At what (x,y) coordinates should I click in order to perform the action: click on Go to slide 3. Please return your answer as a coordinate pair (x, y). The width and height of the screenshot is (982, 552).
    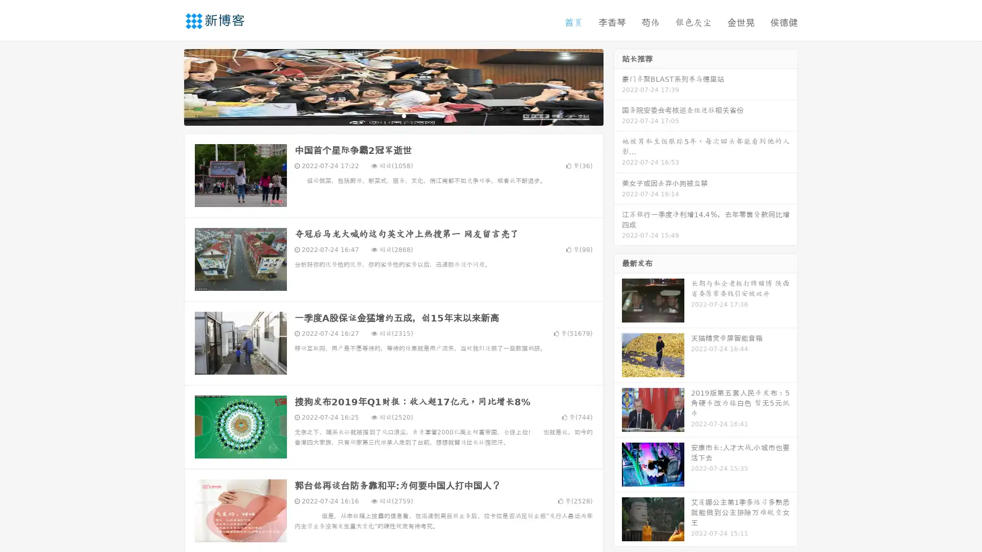
    Looking at the image, I should click on (404, 115).